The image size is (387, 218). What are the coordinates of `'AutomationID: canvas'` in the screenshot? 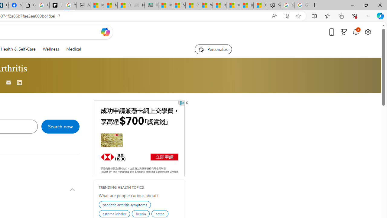 It's located at (139, 138).